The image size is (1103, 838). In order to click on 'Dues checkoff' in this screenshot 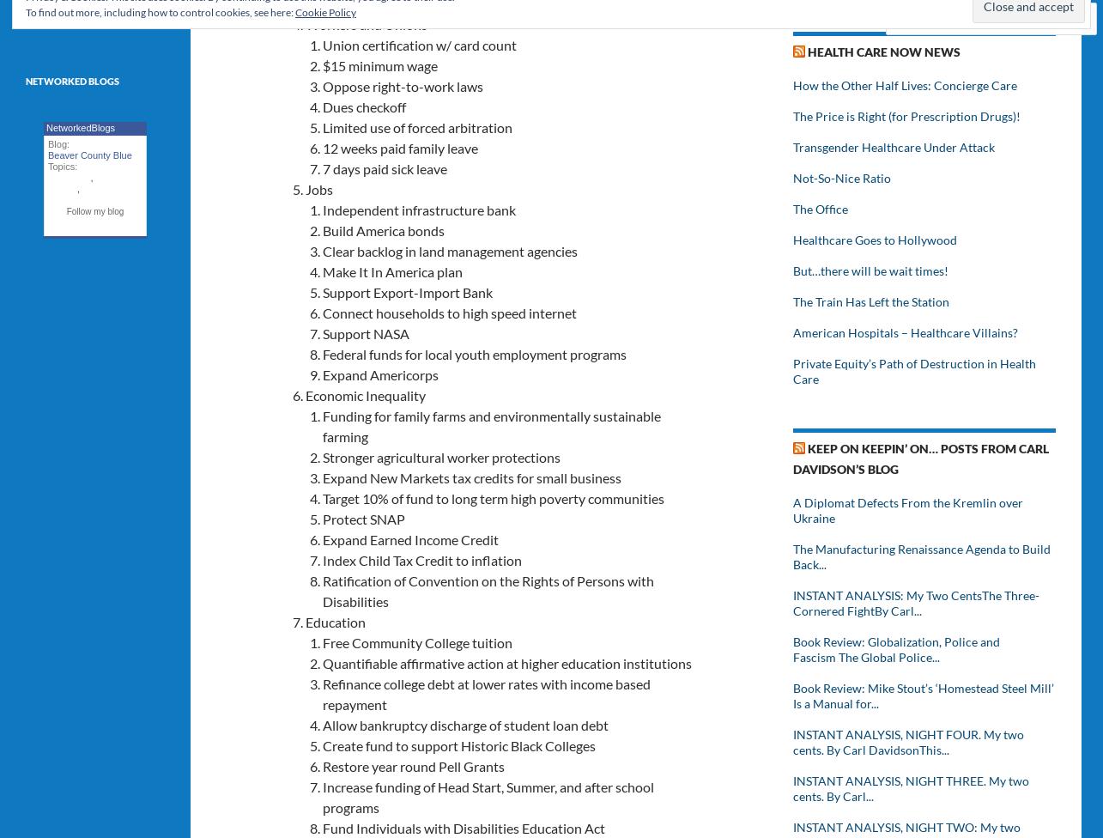, I will do `click(363, 105)`.